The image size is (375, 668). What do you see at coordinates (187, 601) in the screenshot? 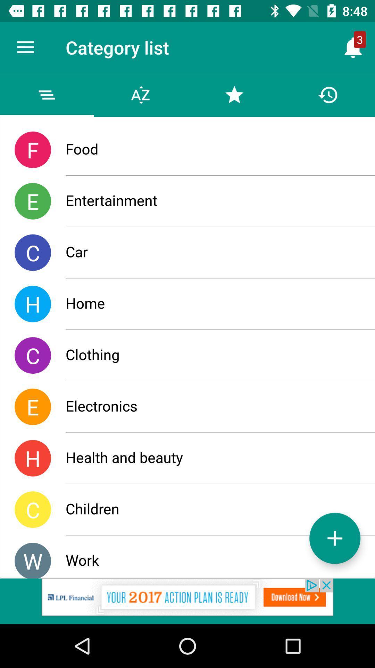
I see `speakev` at bounding box center [187, 601].